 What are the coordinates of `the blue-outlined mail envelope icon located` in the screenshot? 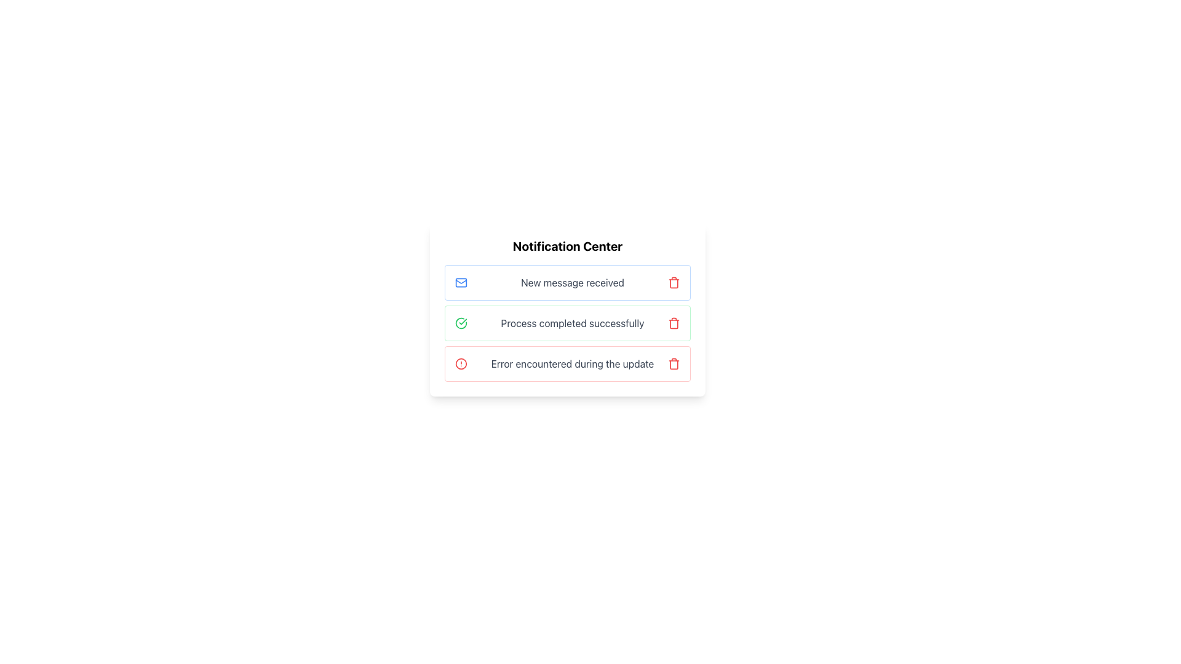 It's located at (460, 282).